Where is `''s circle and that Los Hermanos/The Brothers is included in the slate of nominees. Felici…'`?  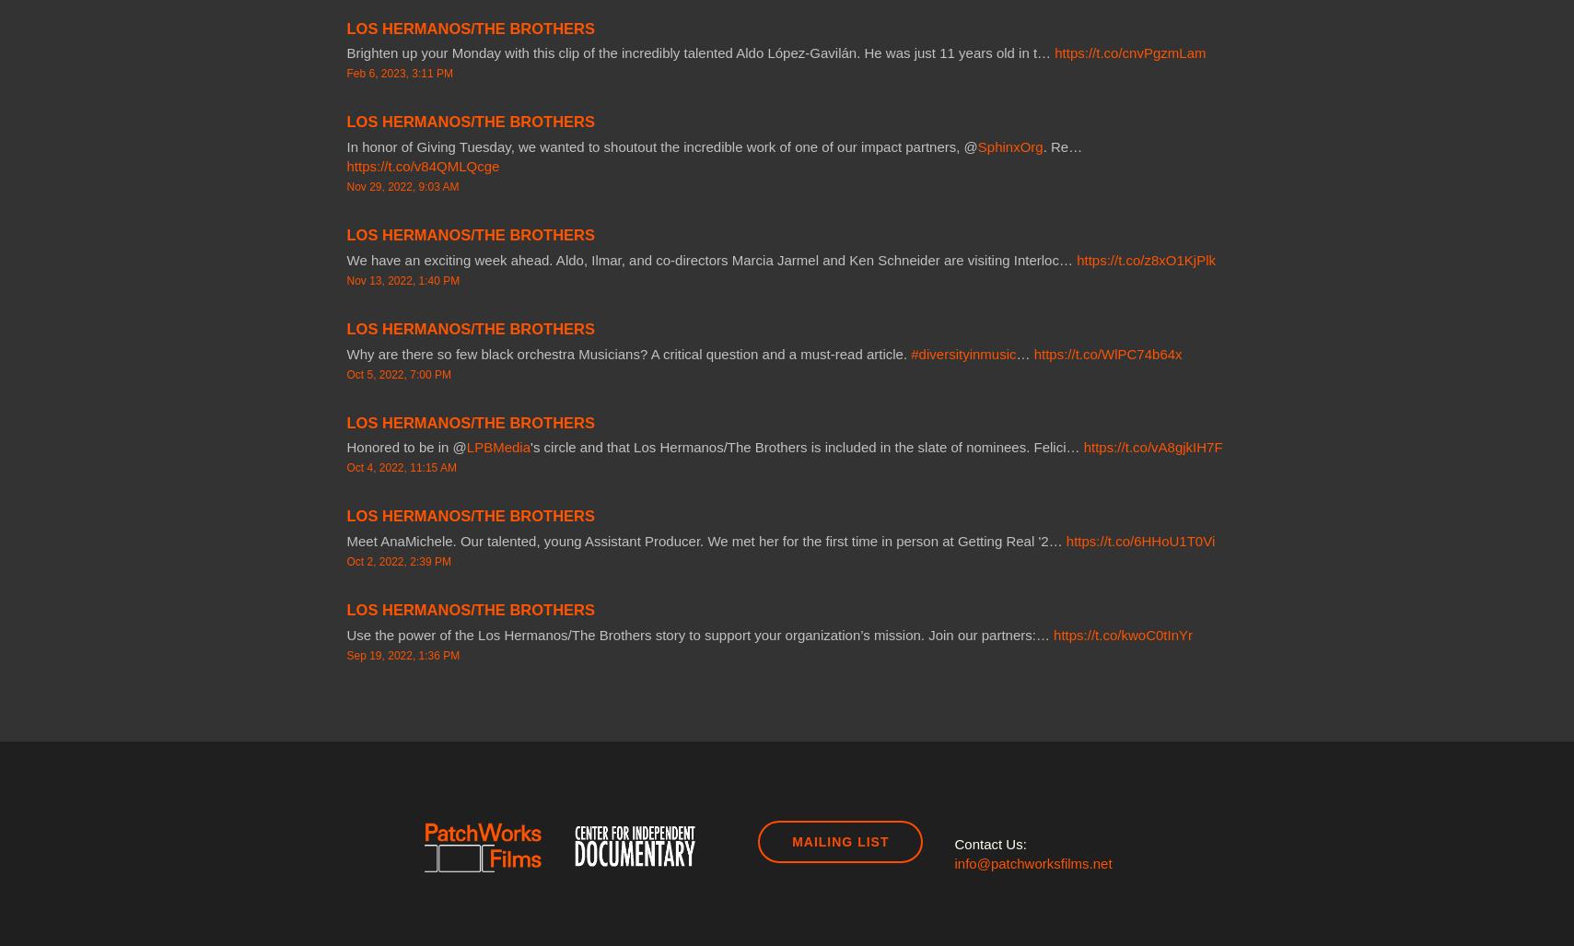 ''s circle and that Los Hermanos/The Brothers is included in the slate of nominees. Felici…' is located at coordinates (807, 447).